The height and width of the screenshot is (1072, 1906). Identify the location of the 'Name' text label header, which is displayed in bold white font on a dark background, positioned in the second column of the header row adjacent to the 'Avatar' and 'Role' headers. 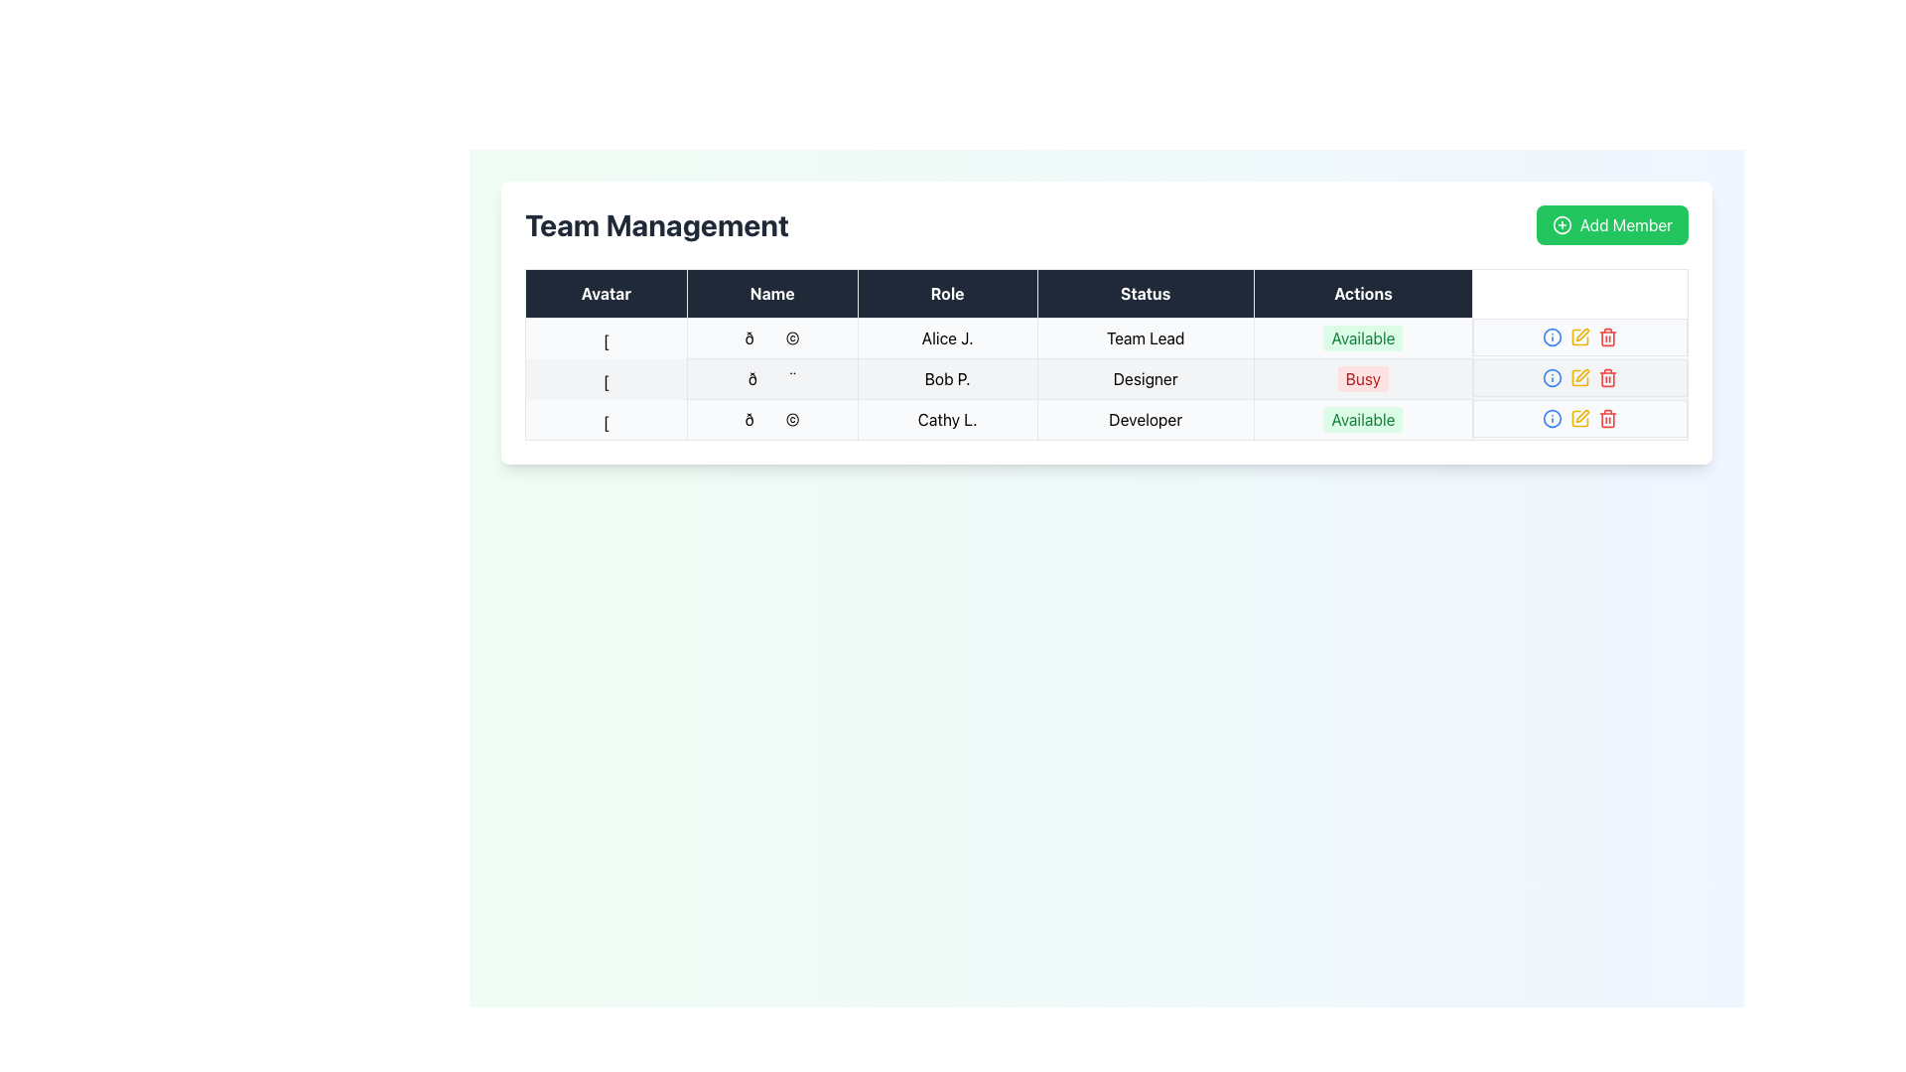
(771, 294).